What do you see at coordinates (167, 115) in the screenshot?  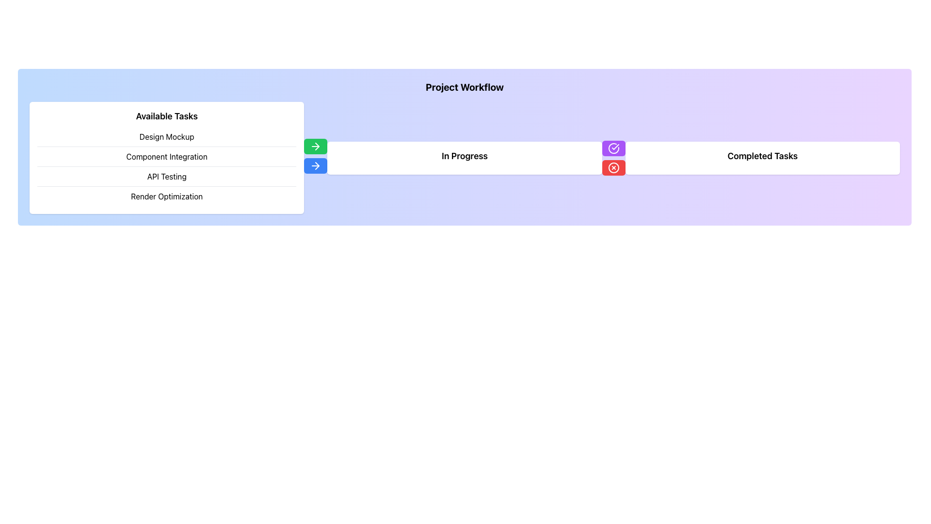 I see `the bold header text 'Available Tasks' located at the top of a white box, which contains a list of tasks underneath` at bounding box center [167, 115].